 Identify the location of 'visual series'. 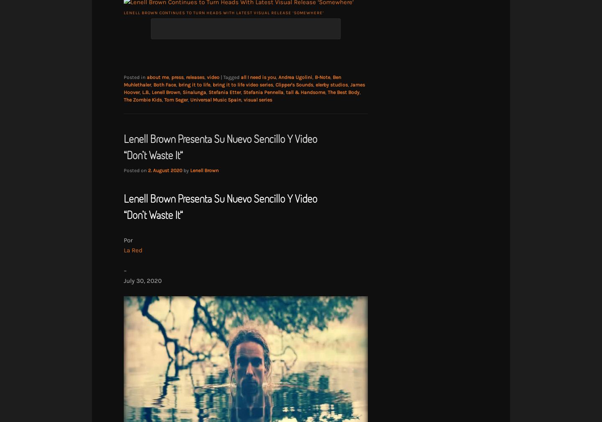
(258, 99).